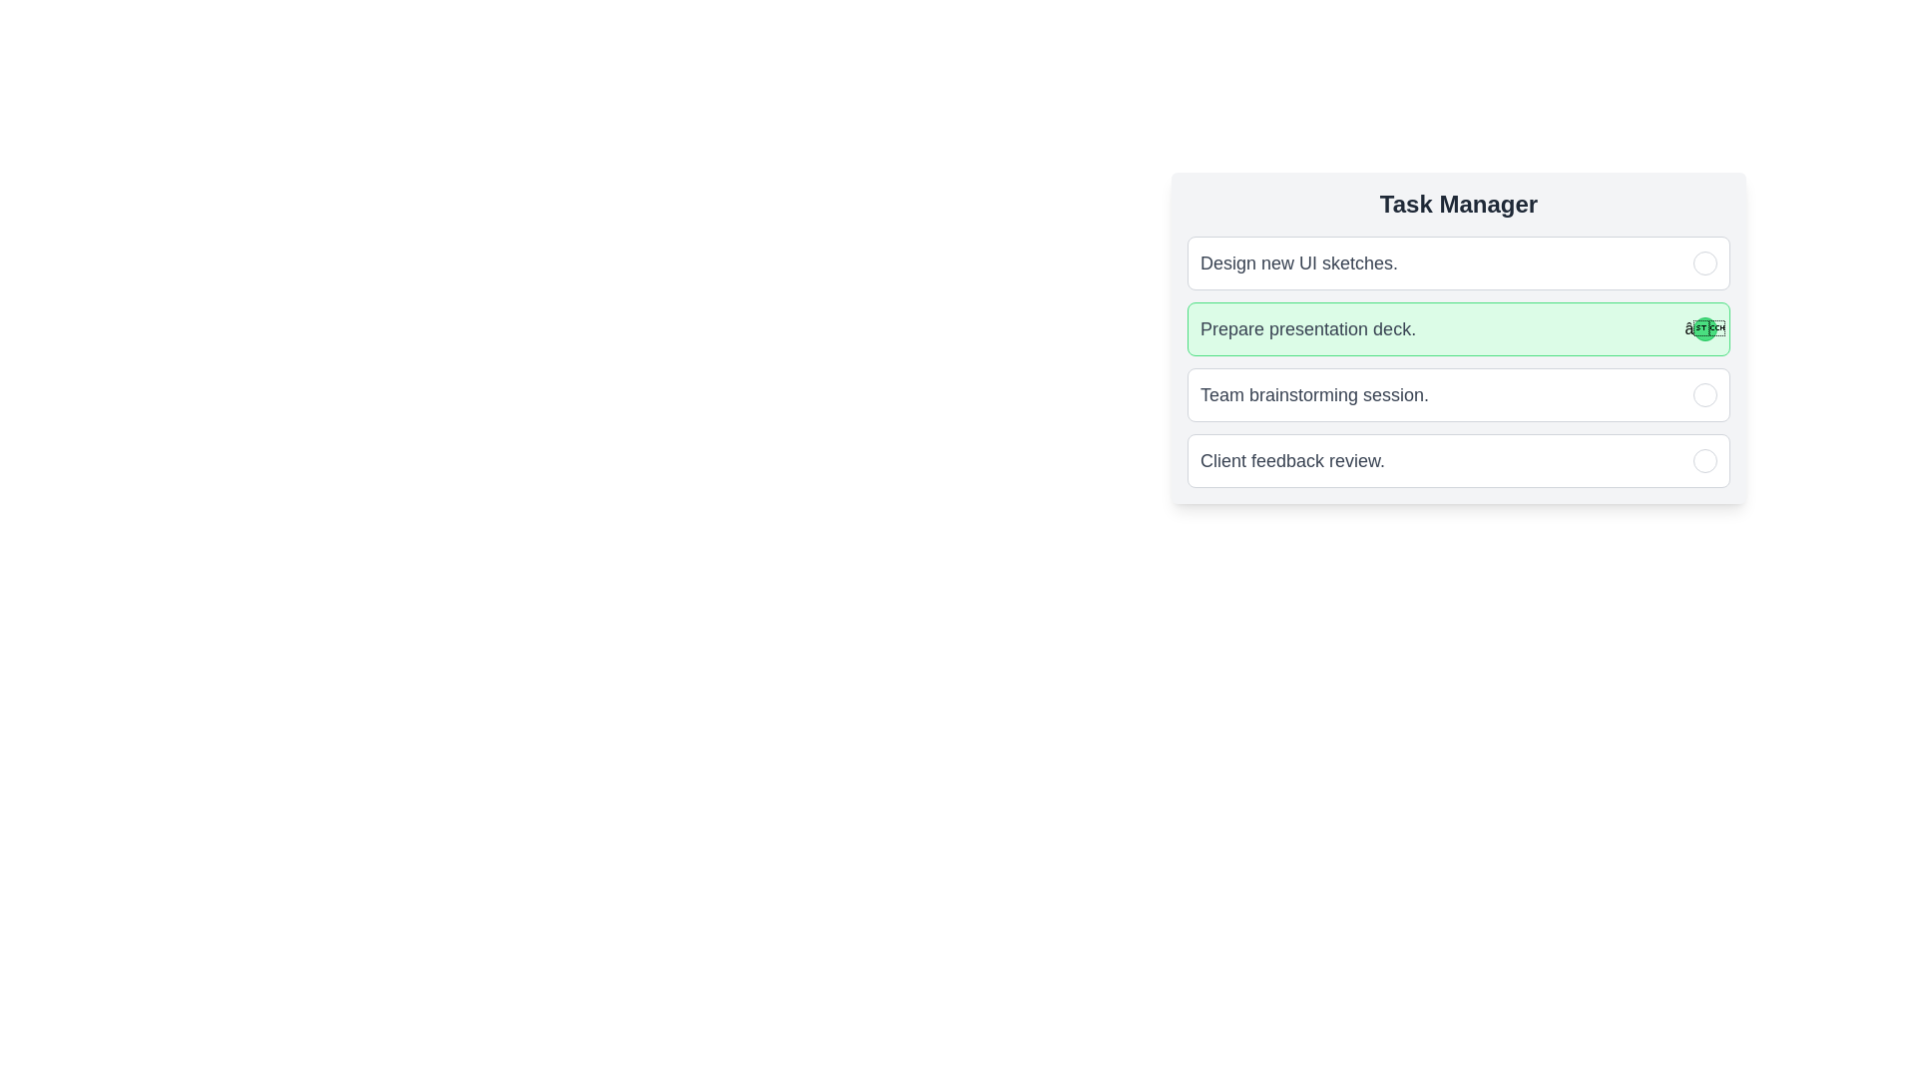  Describe the element at coordinates (1292, 461) in the screenshot. I see `the text label that reads 'Client feedback review.' which is styled in a medium-sized, gray-colored, bold font, located in the task manager interface below the 'Team brainstorming session.' task` at that location.